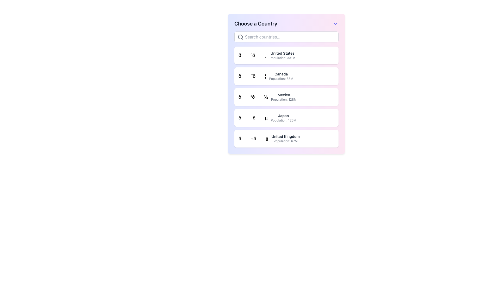 This screenshot has width=500, height=281. What do you see at coordinates (267, 55) in the screenshot?
I see `the first list item under the 'Choose a Country' section` at bounding box center [267, 55].